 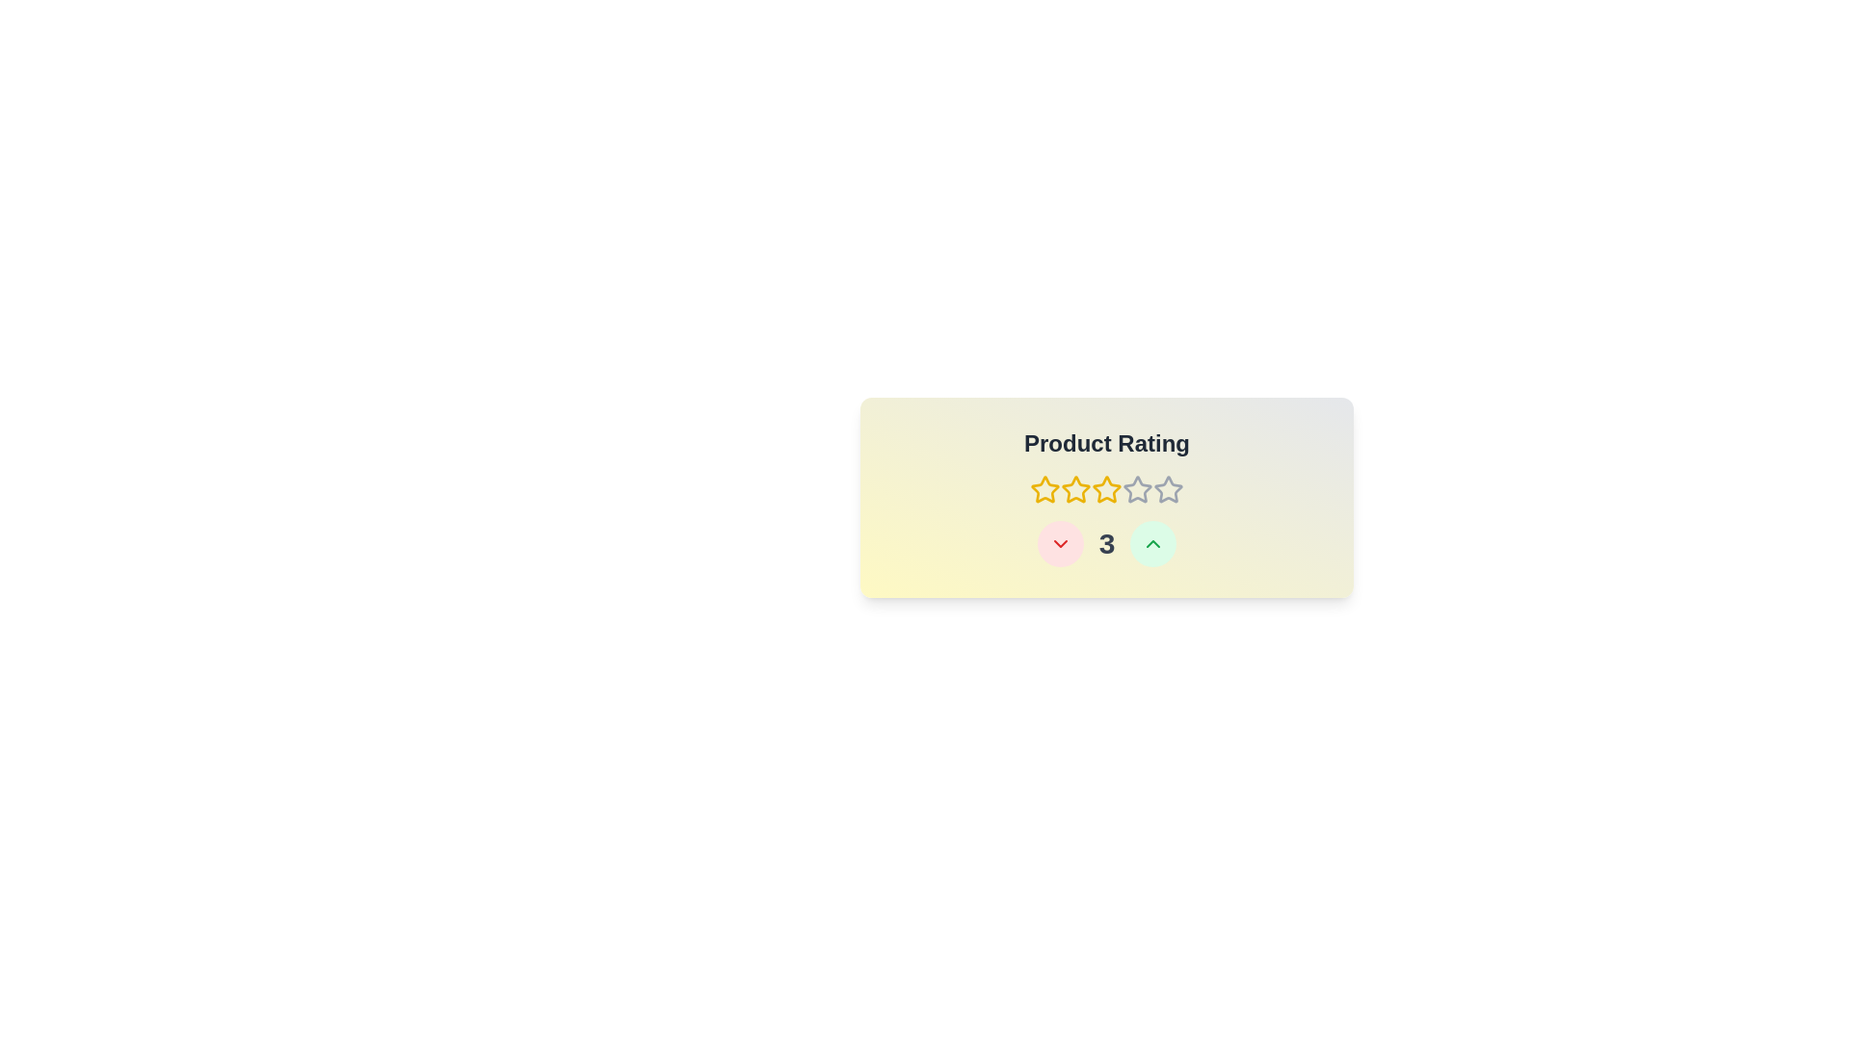 What do you see at coordinates (1075, 488) in the screenshot?
I see `the second star icon in the rating component below the title 'Product Rating' to trigger the tooltip or highlighting effect` at bounding box center [1075, 488].